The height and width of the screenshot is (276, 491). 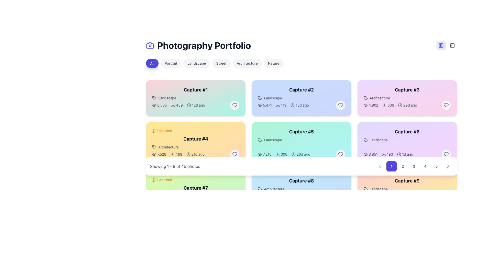 What do you see at coordinates (302, 154) in the screenshot?
I see `the information displayed in the Information Console located in the card labeled 'Capture #5', positioned at the bottom section adjacent to the right-hand side heart icon` at bounding box center [302, 154].